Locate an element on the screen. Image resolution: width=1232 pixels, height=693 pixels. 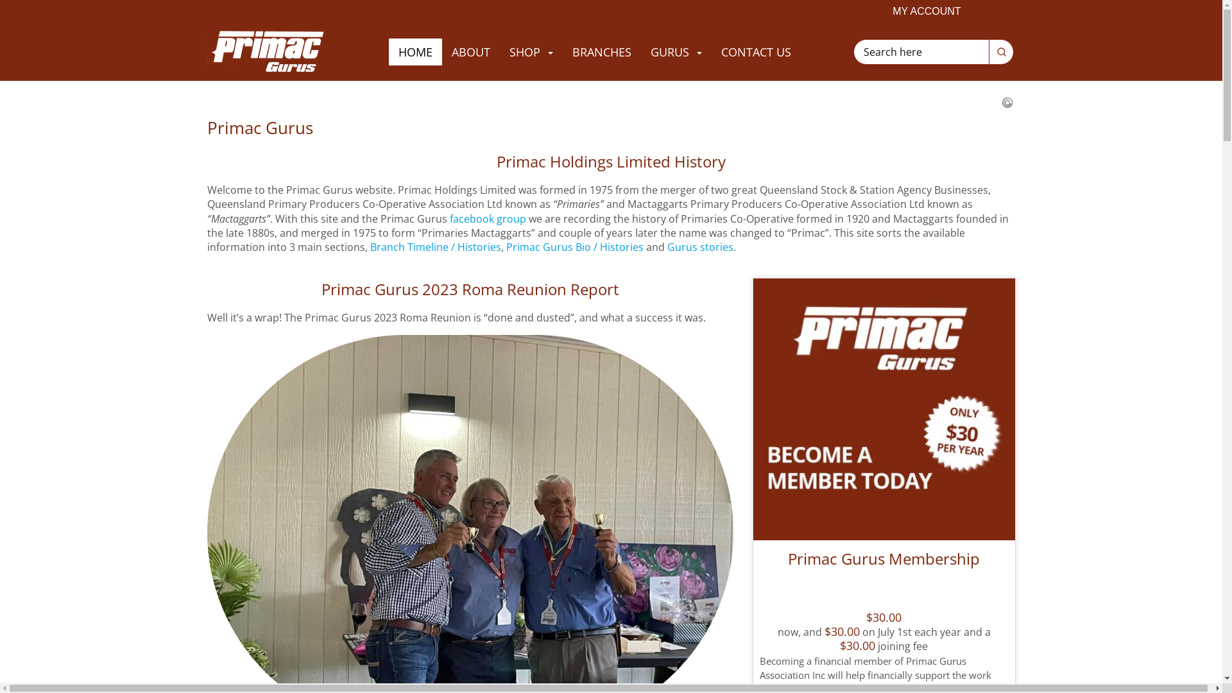
'facebook group' is located at coordinates (486, 218).